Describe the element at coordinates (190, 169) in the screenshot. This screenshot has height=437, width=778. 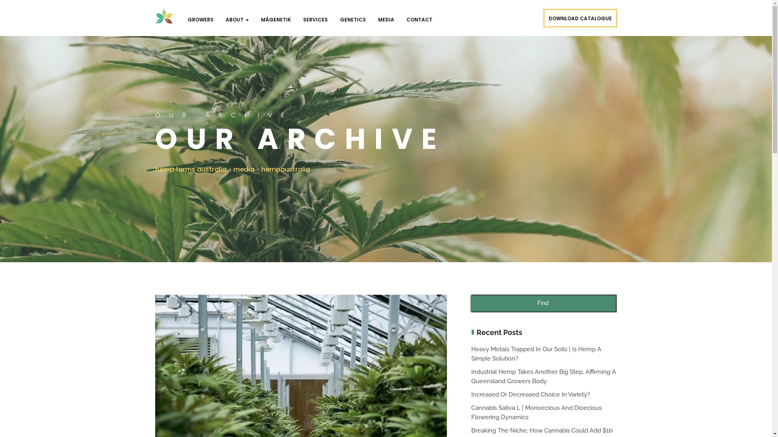
I see `'hemp farms australia'` at that location.